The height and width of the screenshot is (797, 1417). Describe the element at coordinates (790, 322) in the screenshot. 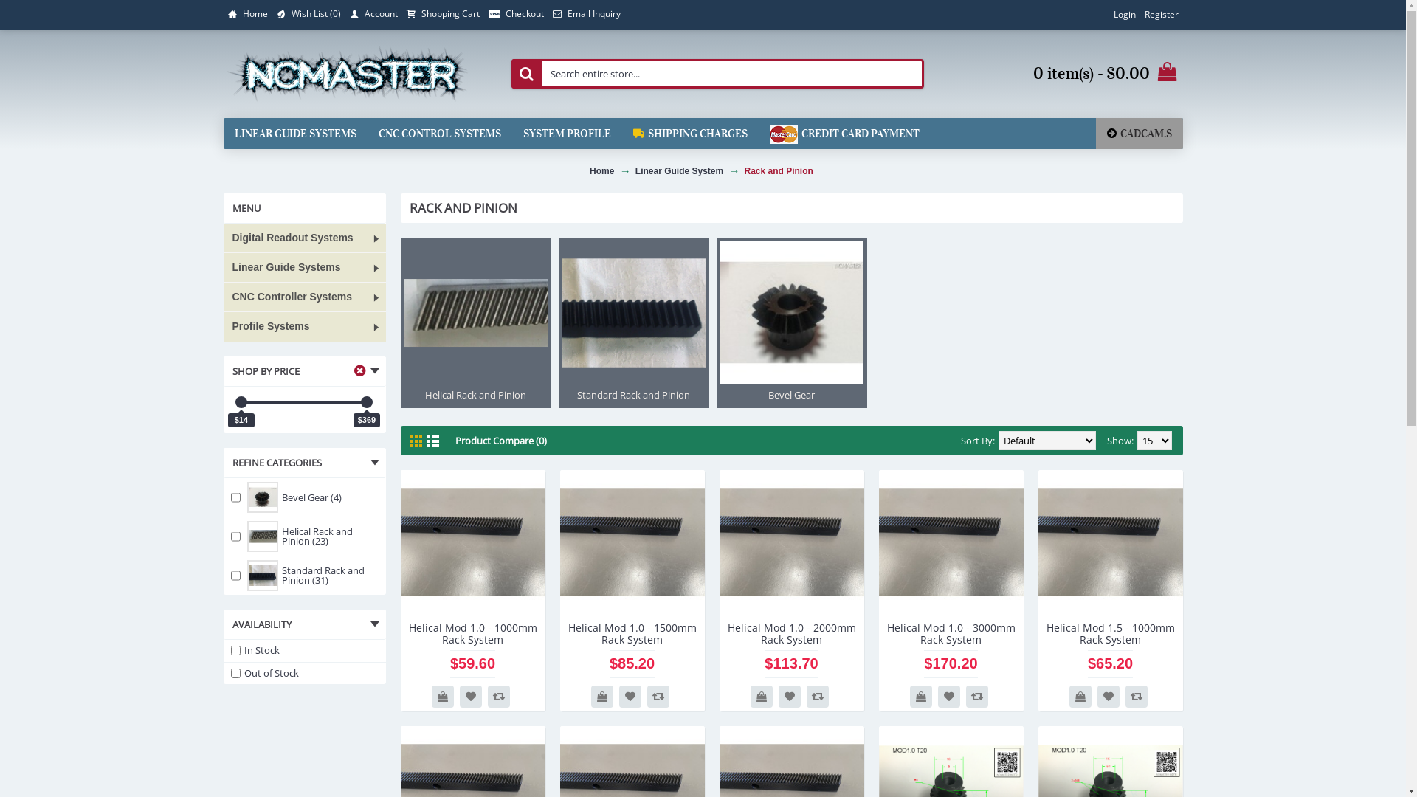

I see `'Bevel Gear'` at that location.